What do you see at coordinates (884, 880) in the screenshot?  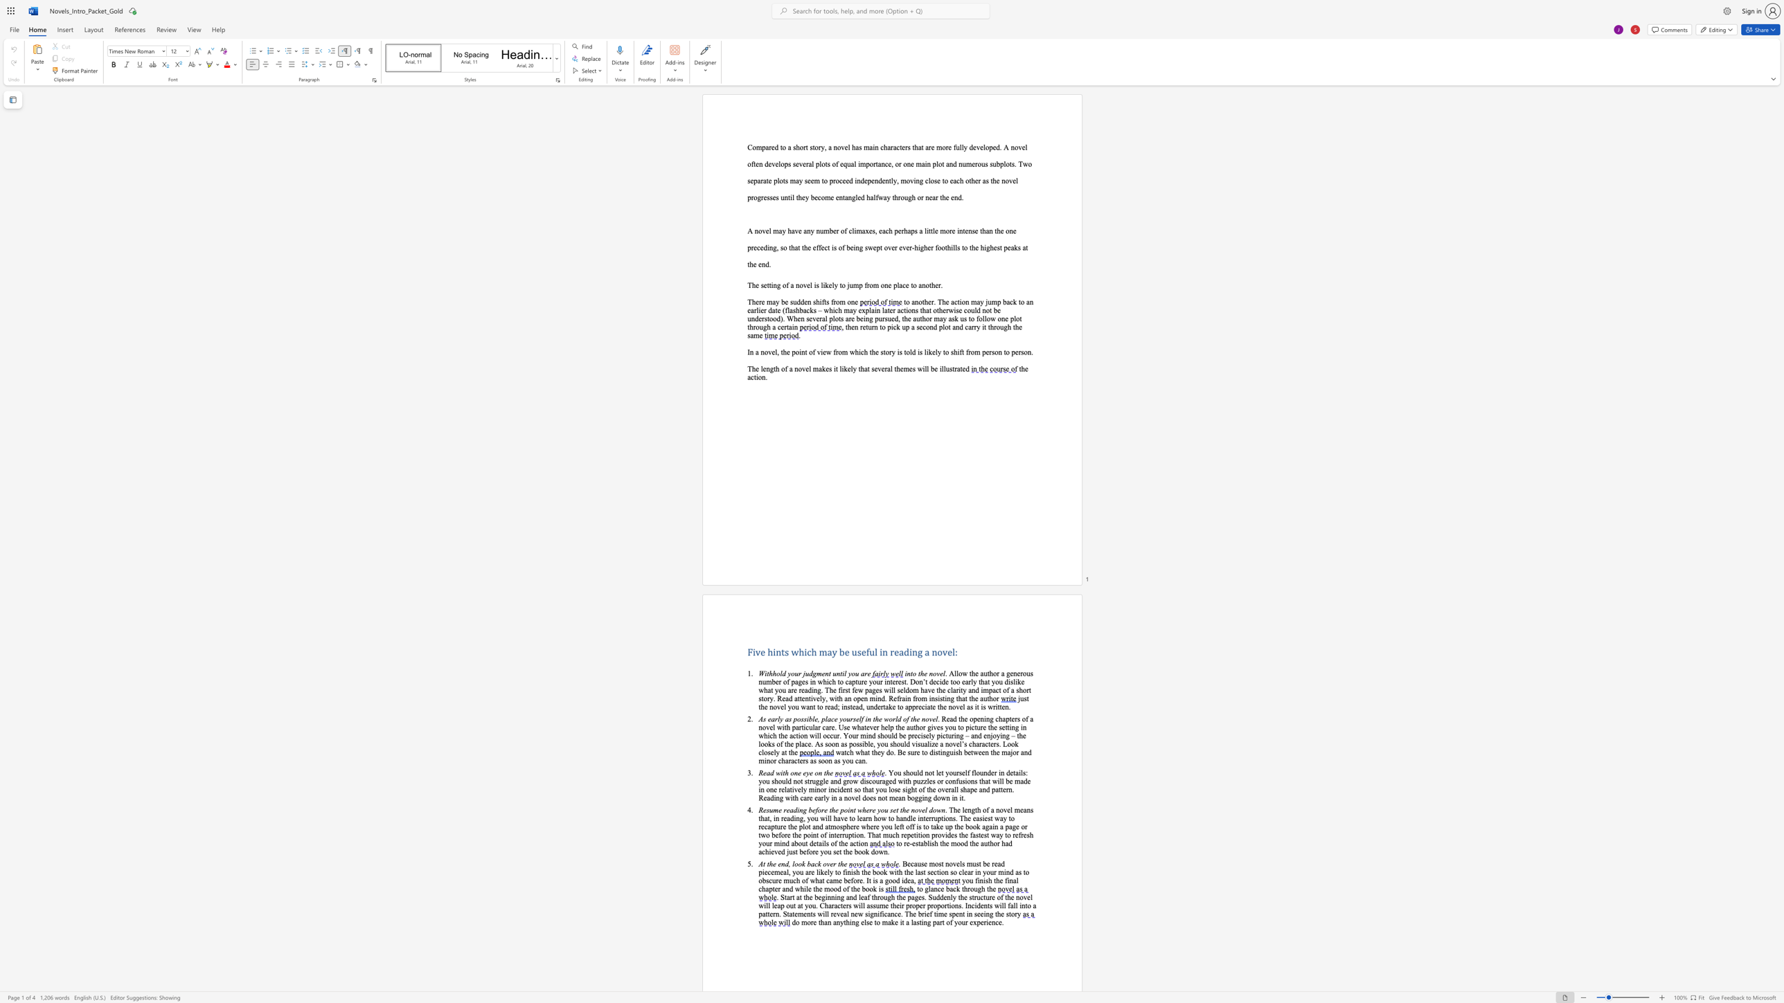 I see `the subset text "good i" within the text "a good idea"` at bounding box center [884, 880].